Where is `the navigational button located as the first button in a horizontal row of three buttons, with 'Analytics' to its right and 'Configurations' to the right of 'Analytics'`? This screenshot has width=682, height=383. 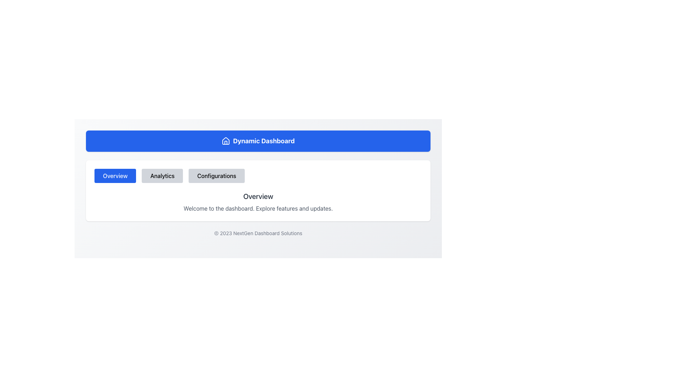 the navigational button located as the first button in a horizontal row of three buttons, with 'Analytics' to its right and 'Configurations' to the right of 'Analytics' is located at coordinates (115, 176).